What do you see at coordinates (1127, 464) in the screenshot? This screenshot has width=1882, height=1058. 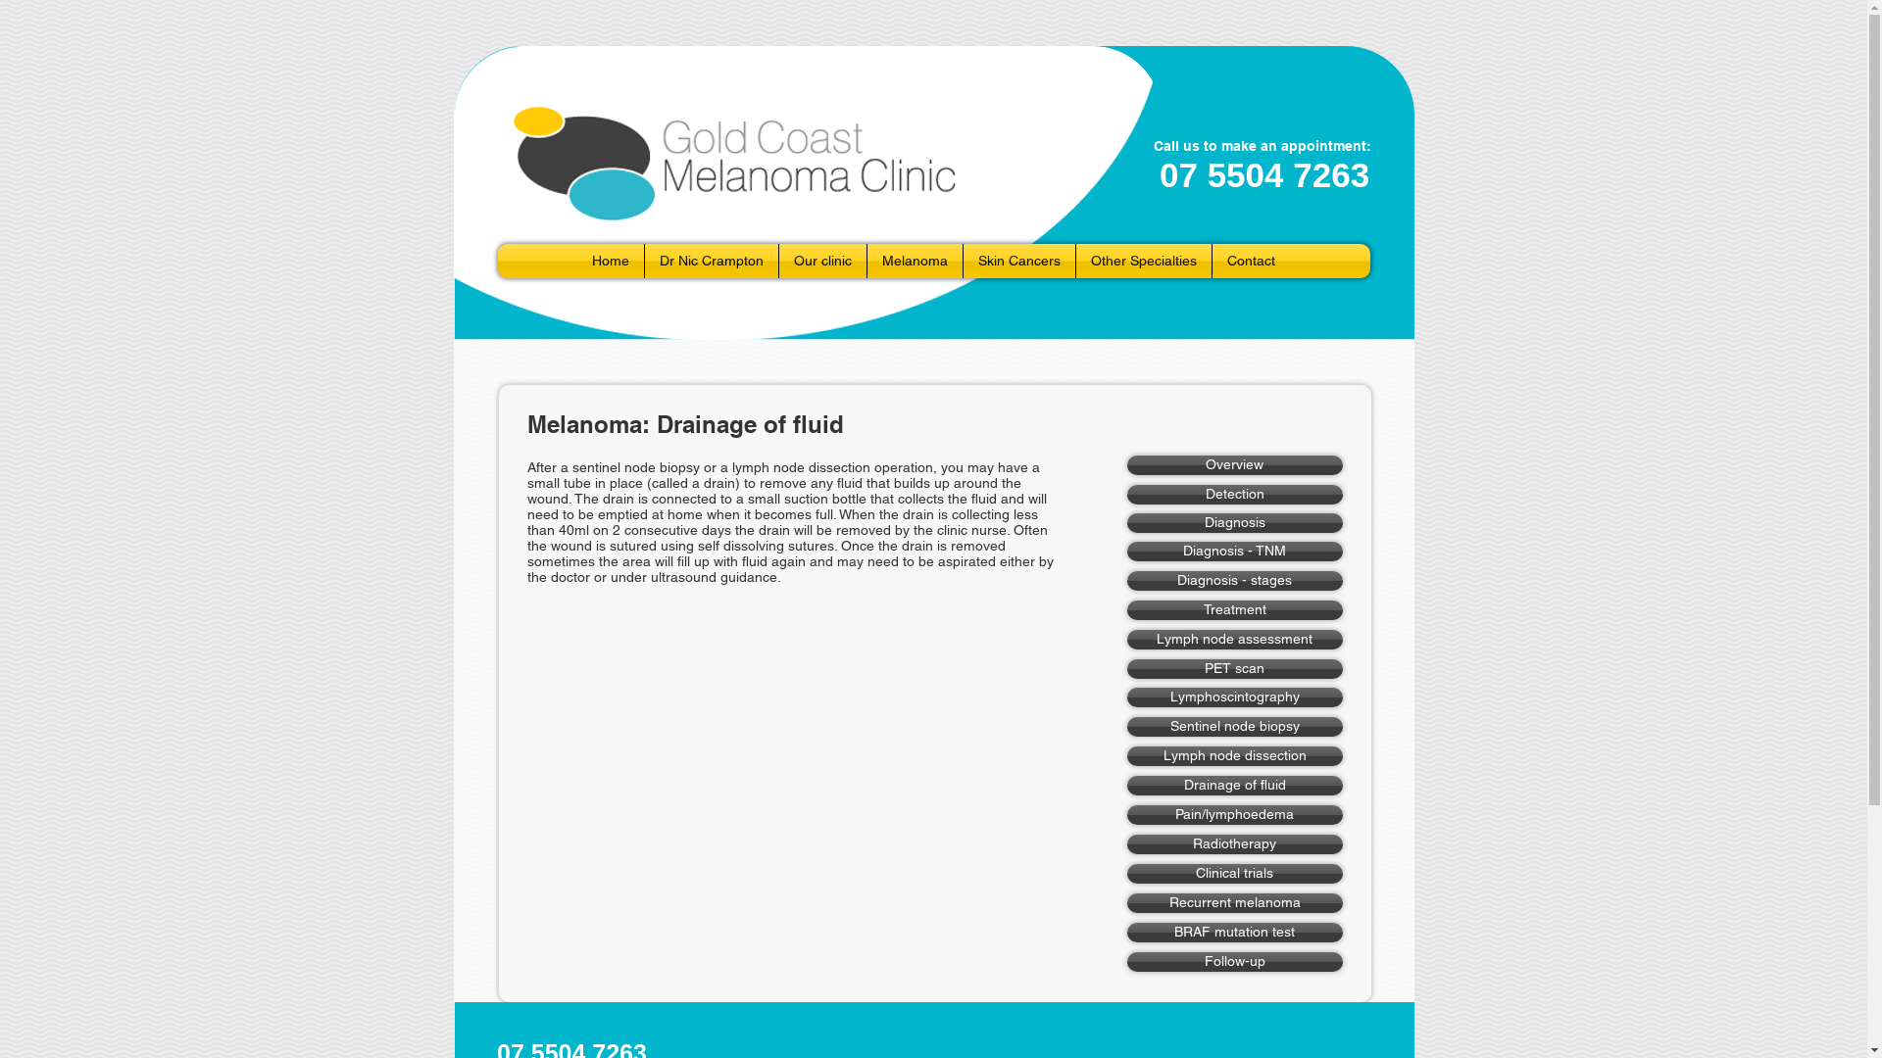 I see `'Overview'` at bounding box center [1127, 464].